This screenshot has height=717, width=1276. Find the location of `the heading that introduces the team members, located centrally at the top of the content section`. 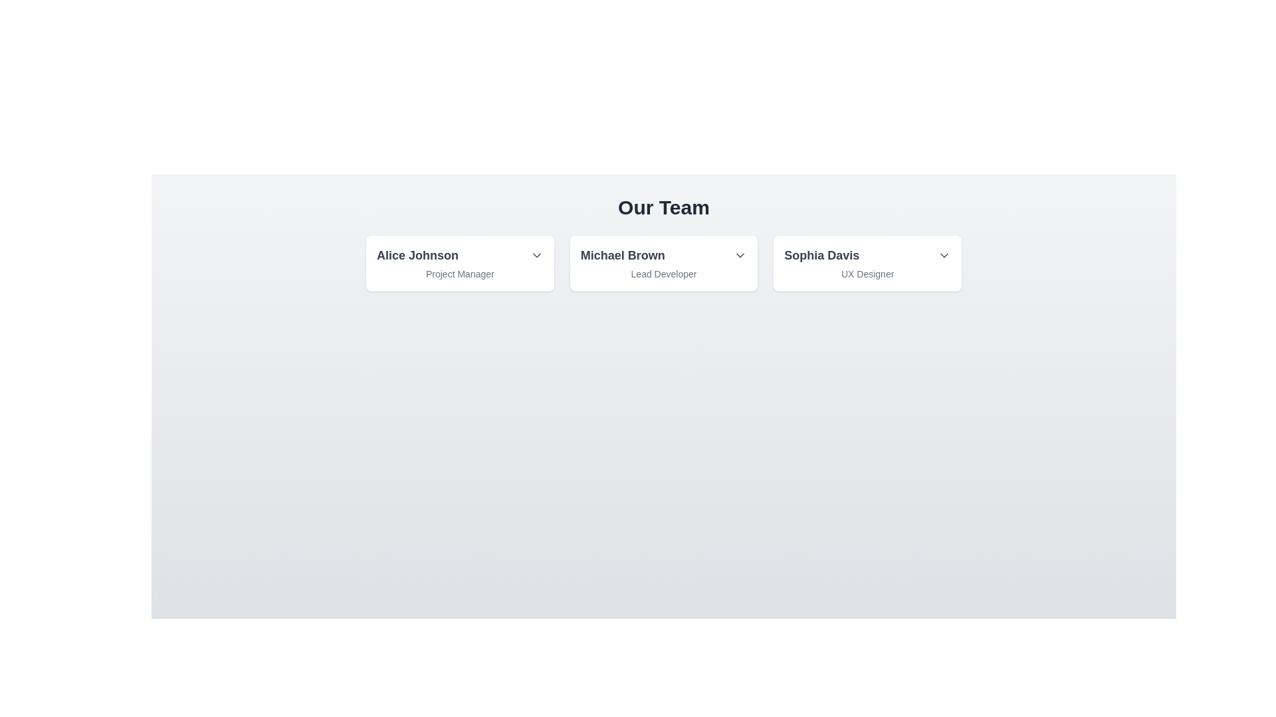

the heading that introduces the team members, located centrally at the top of the content section is located at coordinates (663, 207).